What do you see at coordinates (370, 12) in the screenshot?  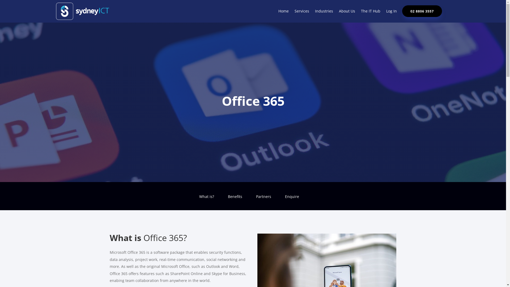 I see `'The IT Hub'` at bounding box center [370, 12].